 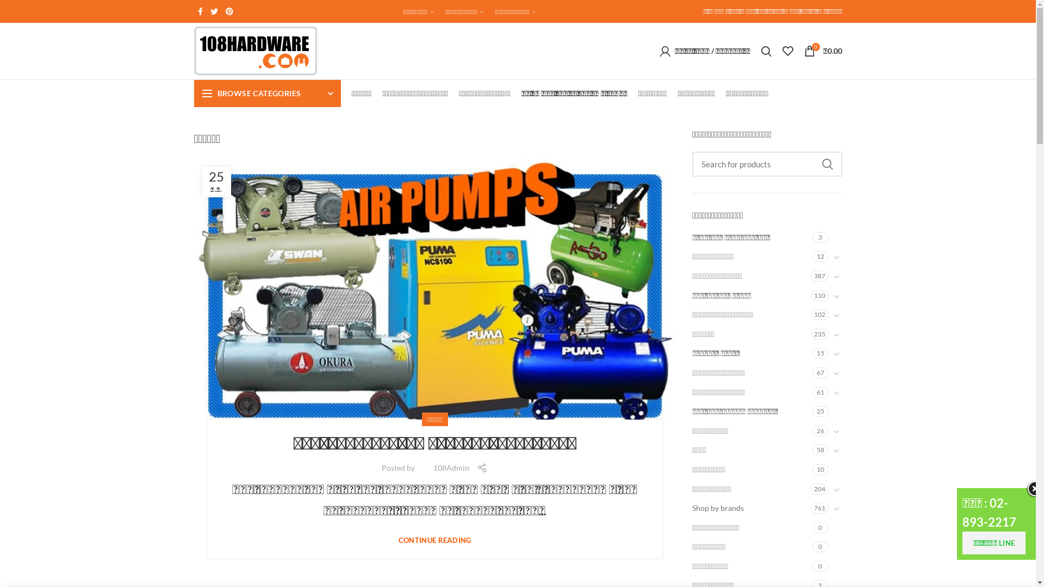 I want to click on 'Log in', so click(x=660, y=214).